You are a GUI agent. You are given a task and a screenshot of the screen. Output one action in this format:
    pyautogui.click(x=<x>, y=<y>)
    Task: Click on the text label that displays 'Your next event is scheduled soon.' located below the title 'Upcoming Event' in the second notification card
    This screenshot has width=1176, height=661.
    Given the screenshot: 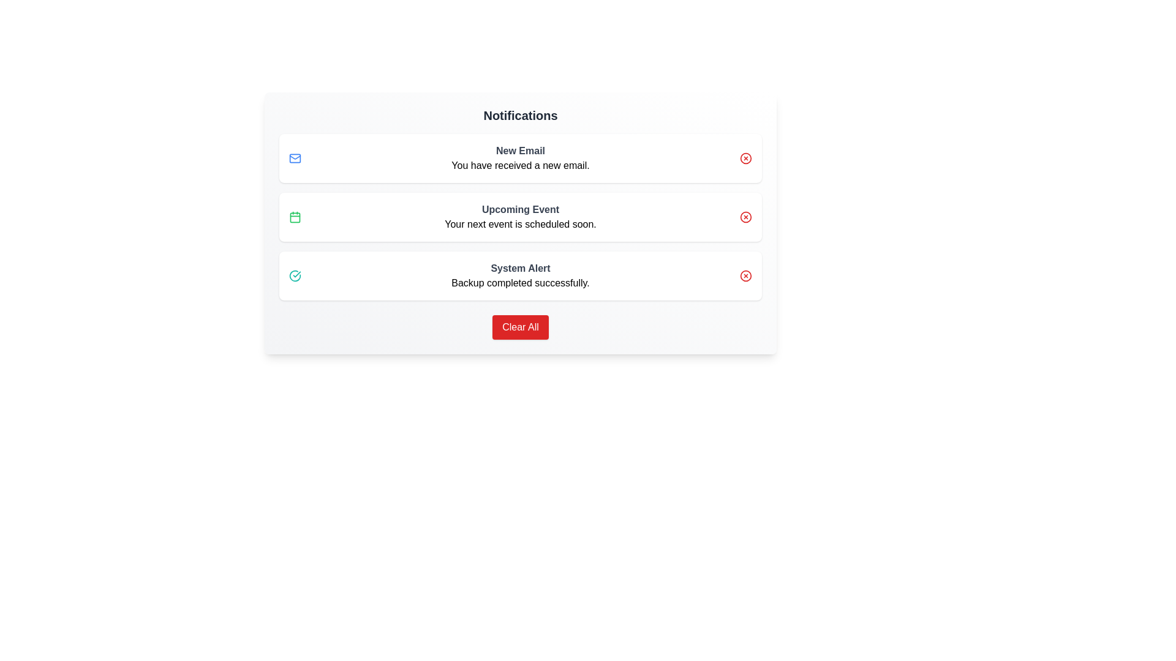 What is the action you would take?
    pyautogui.click(x=520, y=224)
    